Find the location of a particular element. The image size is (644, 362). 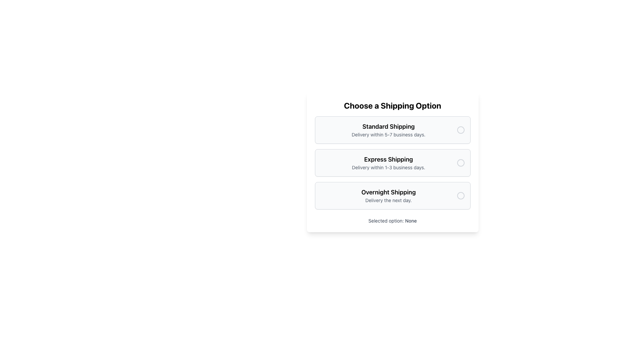

the text label that displays 'Selected option: None', which is styled in gray color and located below the last shipping option 'Overnight Shipping' is located at coordinates (392, 221).